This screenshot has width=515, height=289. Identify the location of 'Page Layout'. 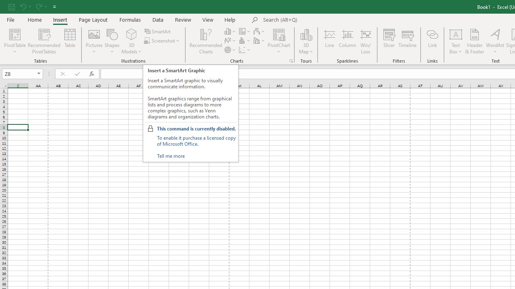
(93, 19).